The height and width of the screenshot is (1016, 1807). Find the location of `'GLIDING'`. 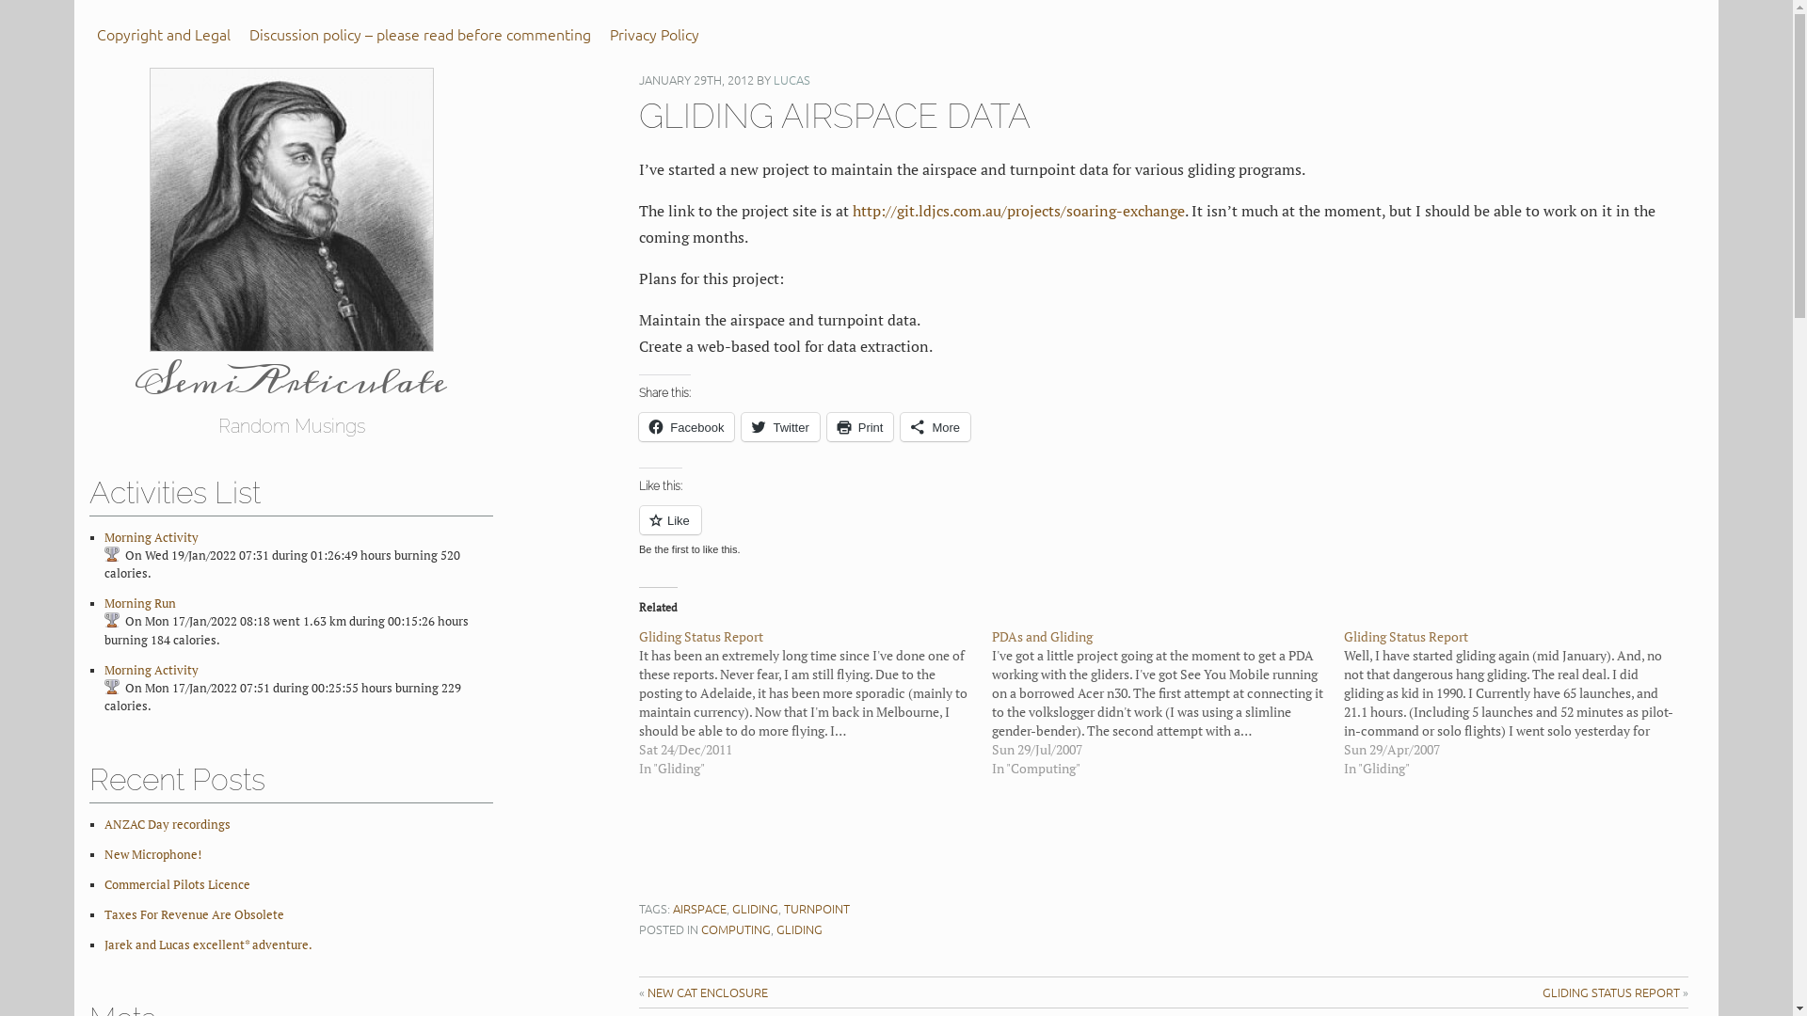

'GLIDING' is located at coordinates (755, 907).